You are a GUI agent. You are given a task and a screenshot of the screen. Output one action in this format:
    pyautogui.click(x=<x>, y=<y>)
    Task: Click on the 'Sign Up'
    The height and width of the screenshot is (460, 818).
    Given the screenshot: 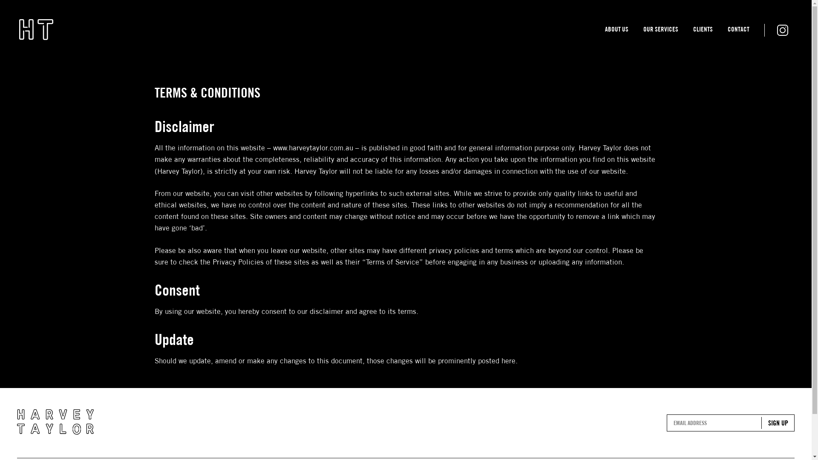 What is the action you would take?
    pyautogui.click(x=778, y=423)
    